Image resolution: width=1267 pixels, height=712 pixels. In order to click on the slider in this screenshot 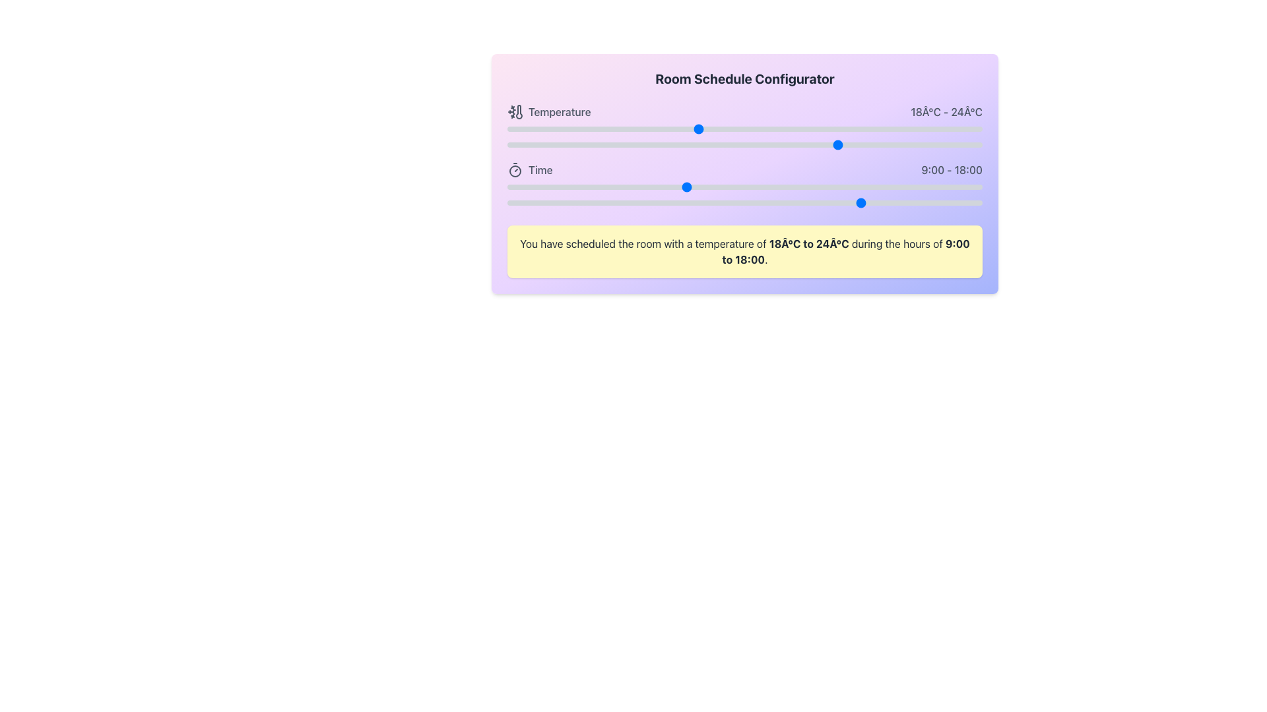, I will do `click(934, 127)`.